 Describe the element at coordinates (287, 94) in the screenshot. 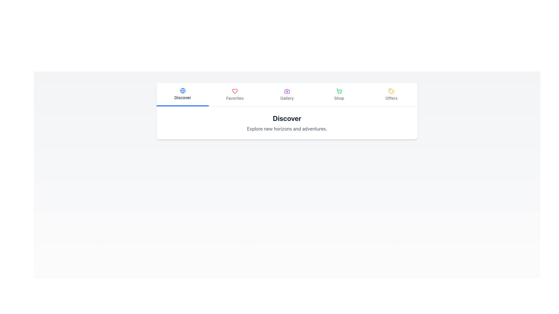

I see `the Navigation Menu Bar` at that location.